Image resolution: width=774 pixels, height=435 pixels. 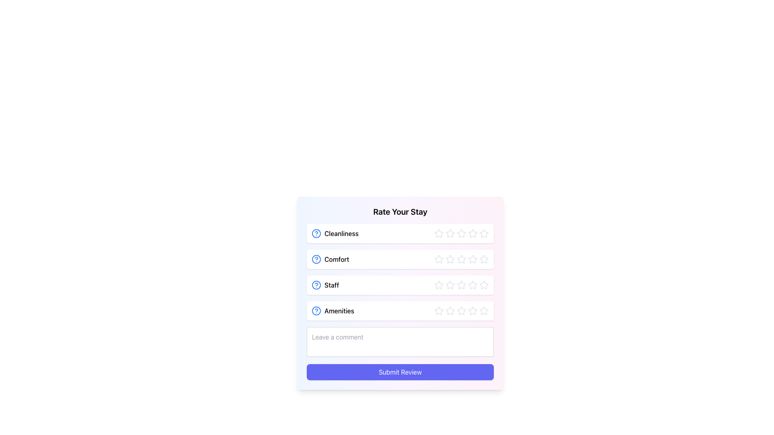 What do you see at coordinates (439, 233) in the screenshot?
I see `from the first star icon (hollow outline, light gray color) under the 'Cleanliness' label` at bounding box center [439, 233].